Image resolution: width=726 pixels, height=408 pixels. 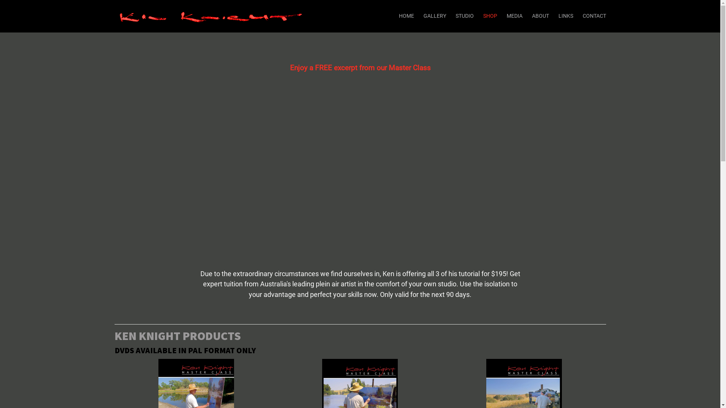 What do you see at coordinates (406, 16) in the screenshot?
I see `'HOME'` at bounding box center [406, 16].